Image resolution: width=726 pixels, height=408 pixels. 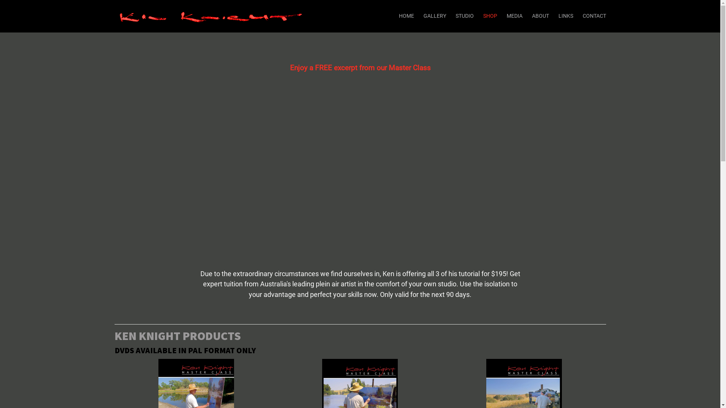 What do you see at coordinates (406, 16) in the screenshot?
I see `'HOME'` at bounding box center [406, 16].